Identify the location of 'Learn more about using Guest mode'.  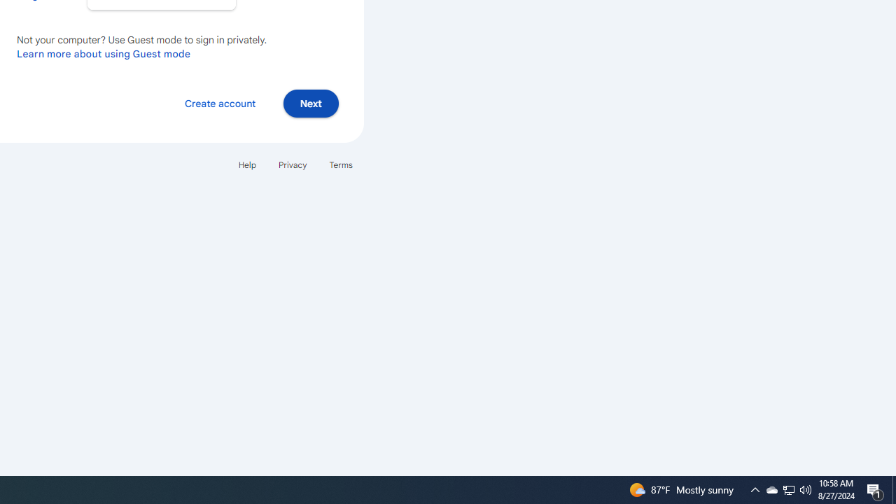
(103, 52).